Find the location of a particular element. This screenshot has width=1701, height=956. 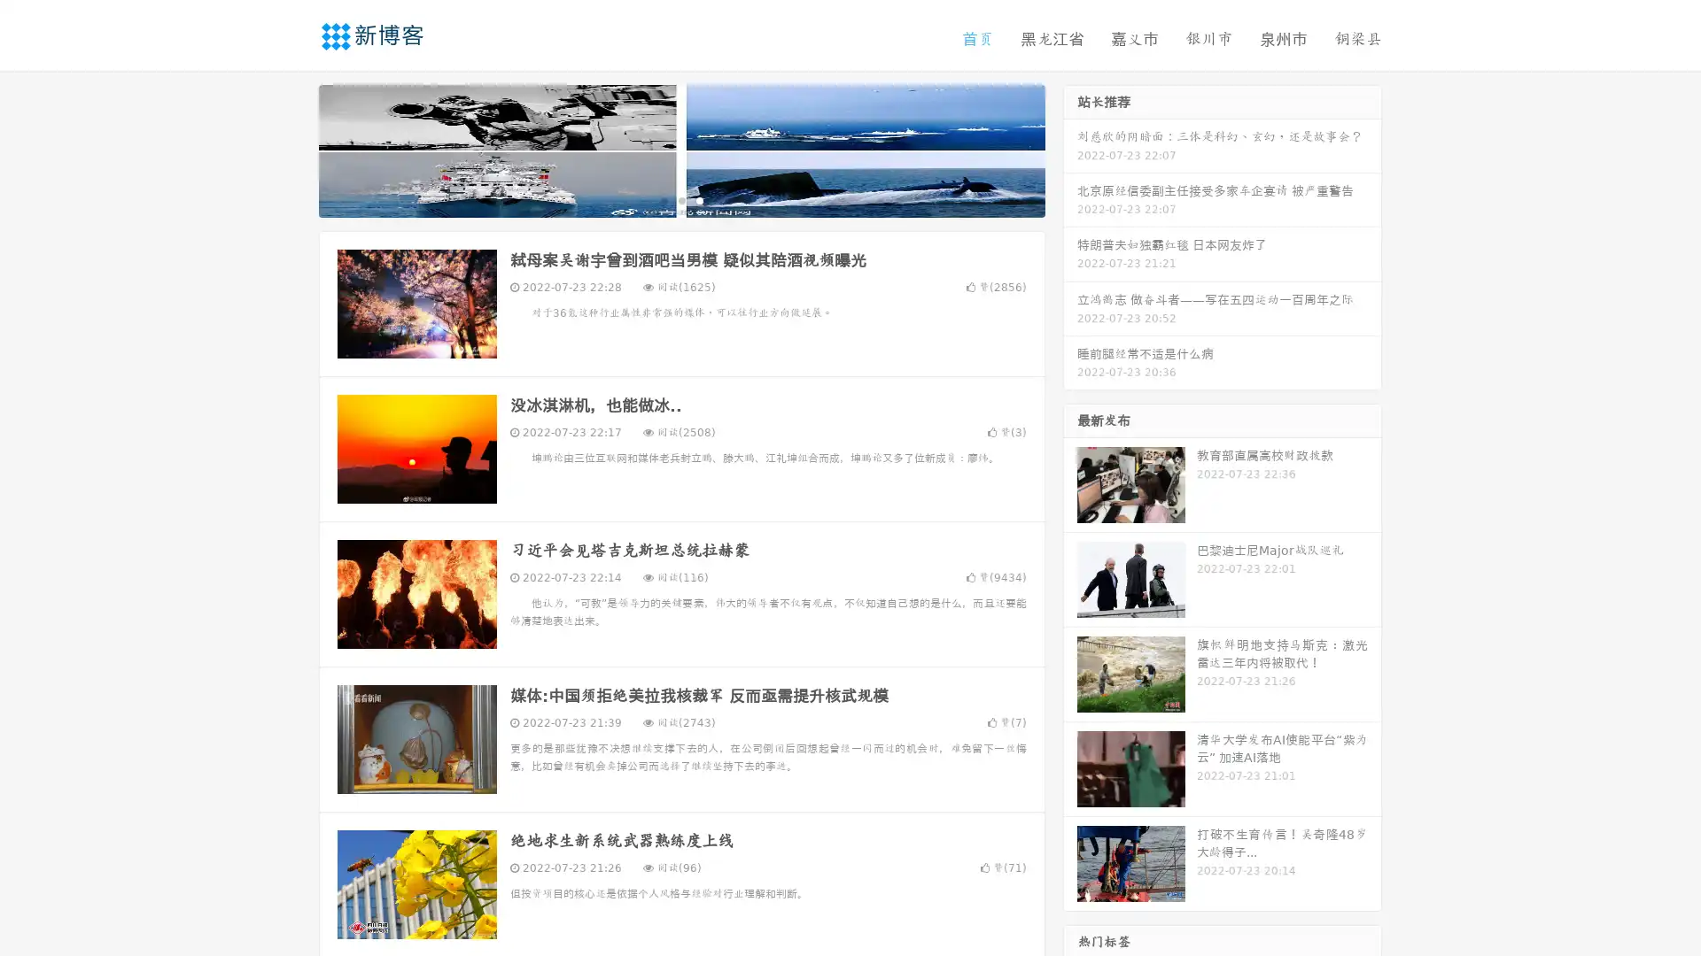

Previous slide is located at coordinates (292, 149).